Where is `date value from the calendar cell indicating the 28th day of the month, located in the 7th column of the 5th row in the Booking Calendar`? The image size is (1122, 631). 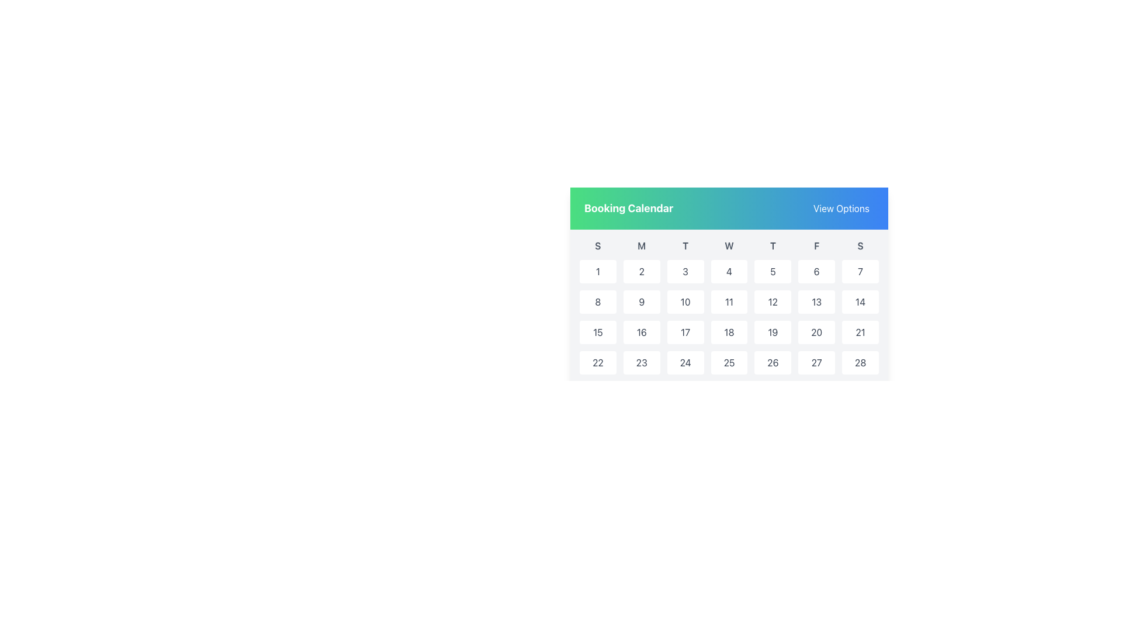
date value from the calendar cell indicating the 28th day of the month, located in the 7th column of the 5th row in the Booking Calendar is located at coordinates (860, 362).